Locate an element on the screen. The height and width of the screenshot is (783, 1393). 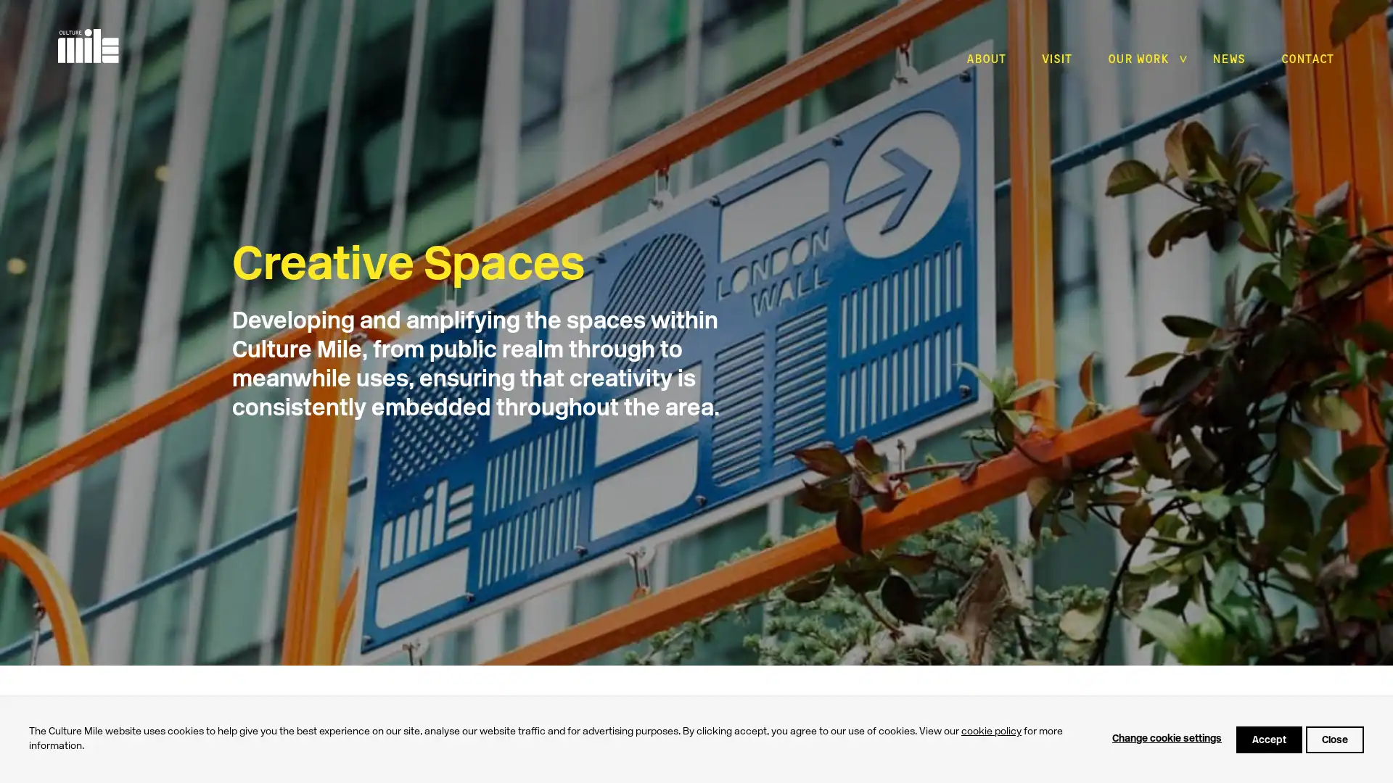
Close is located at coordinates (1334, 739).